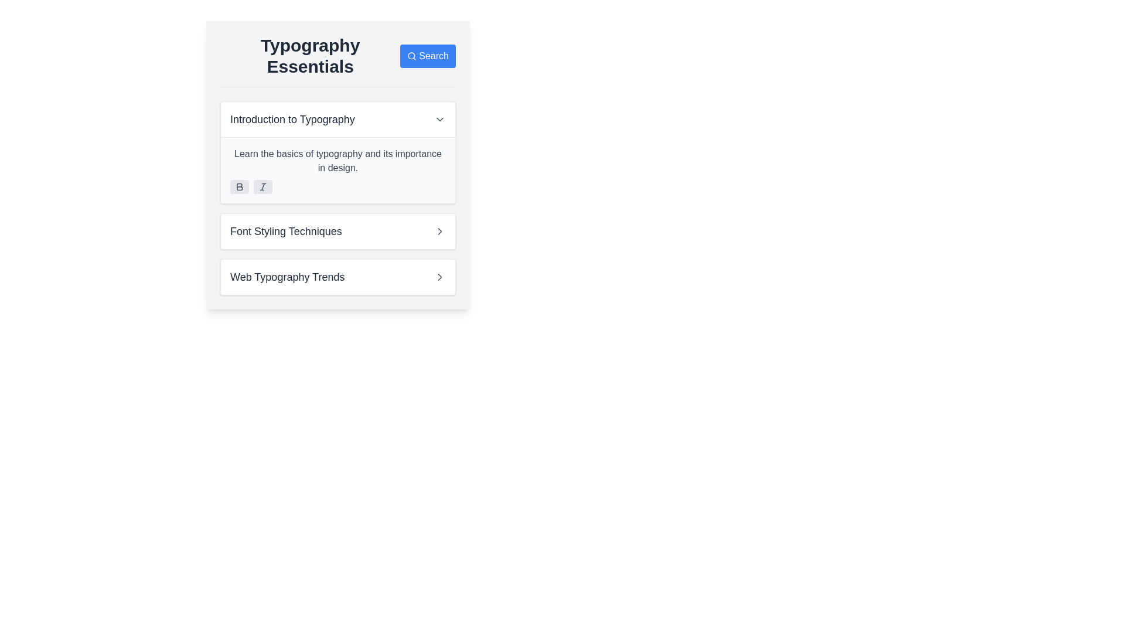  I want to click on the navigational button at the bottom of the vertical list, so click(337, 277).